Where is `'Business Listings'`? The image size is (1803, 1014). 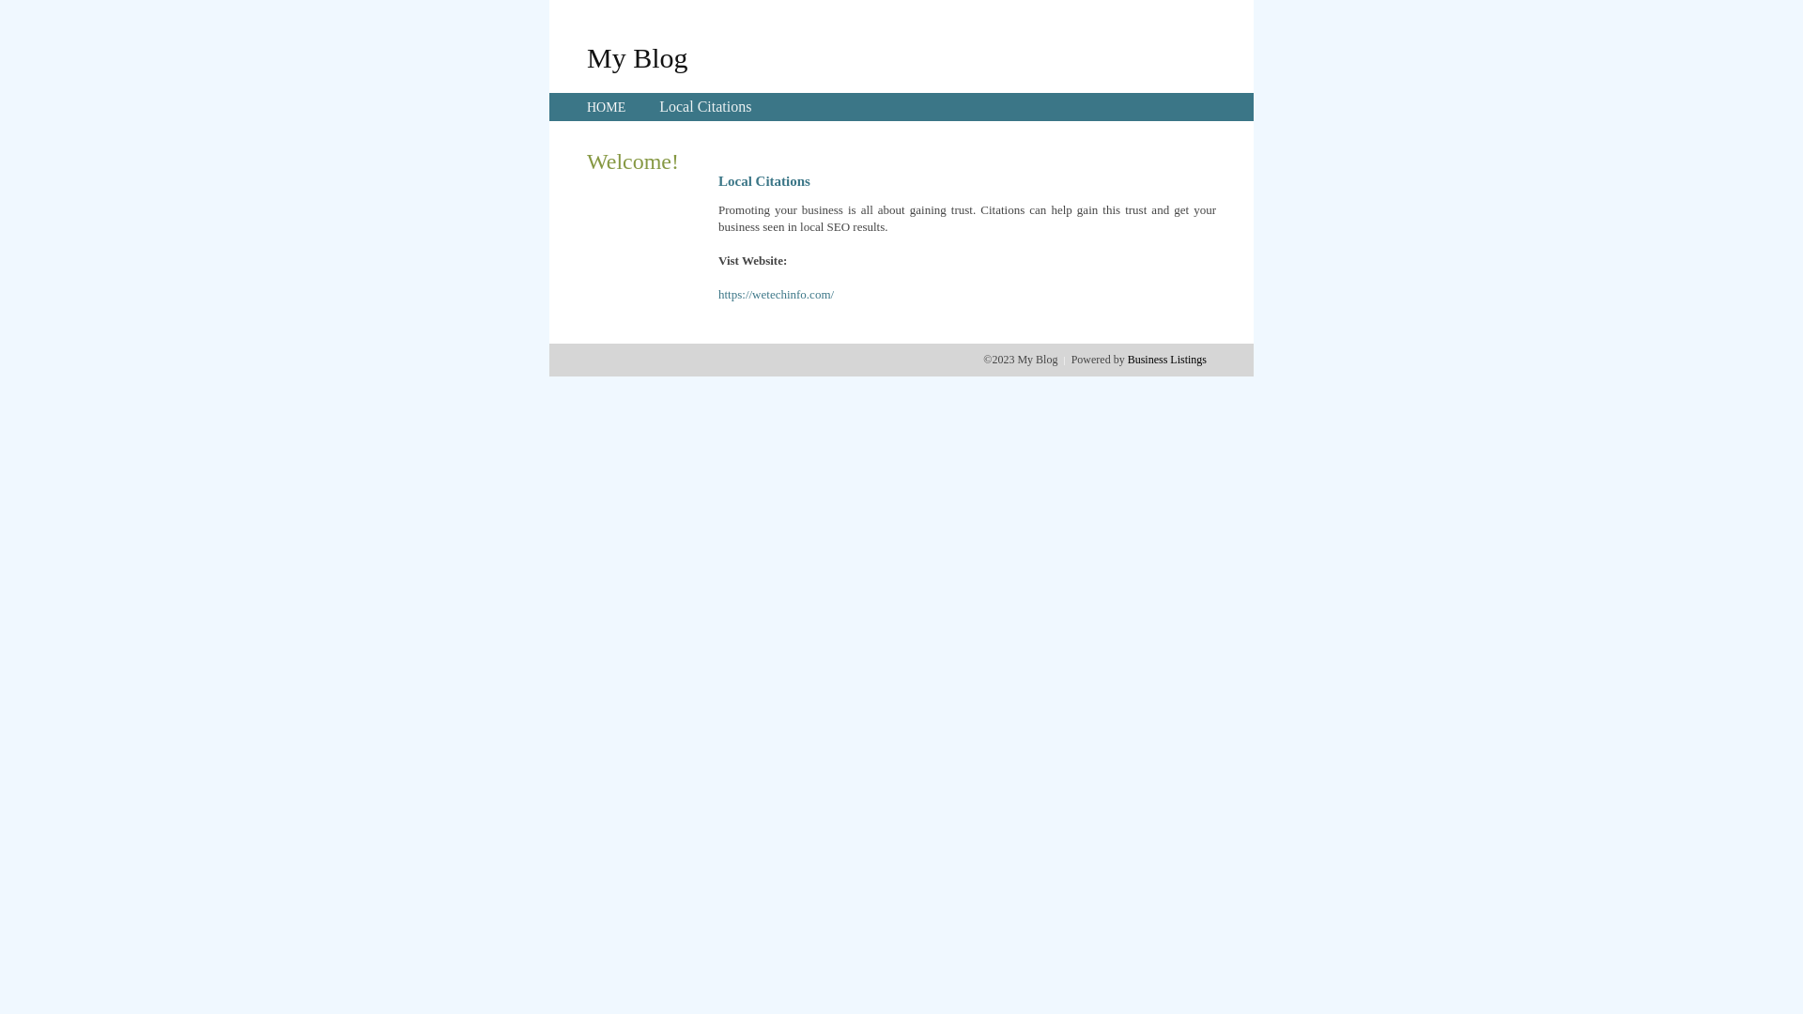
'Business Listings' is located at coordinates (1166, 359).